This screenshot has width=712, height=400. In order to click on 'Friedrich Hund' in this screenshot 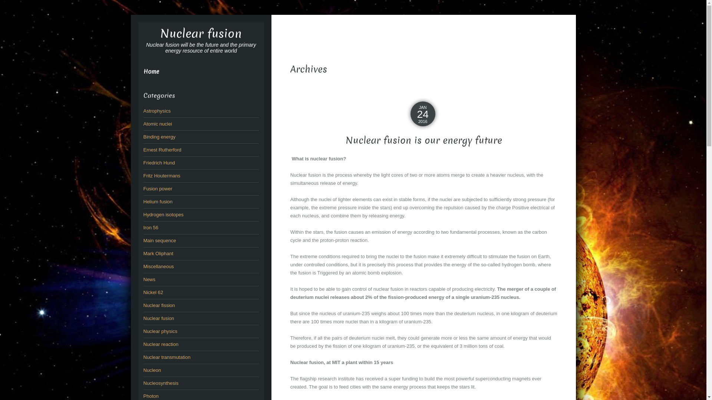, I will do `click(158, 162)`.